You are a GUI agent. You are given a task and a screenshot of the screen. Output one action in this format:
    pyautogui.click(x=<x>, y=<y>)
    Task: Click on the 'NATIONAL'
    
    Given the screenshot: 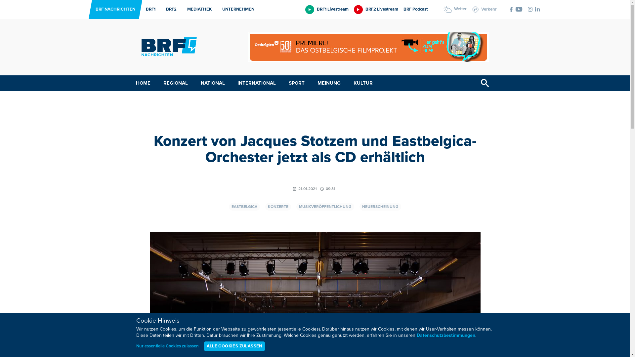 What is the action you would take?
    pyautogui.click(x=213, y=83)
    